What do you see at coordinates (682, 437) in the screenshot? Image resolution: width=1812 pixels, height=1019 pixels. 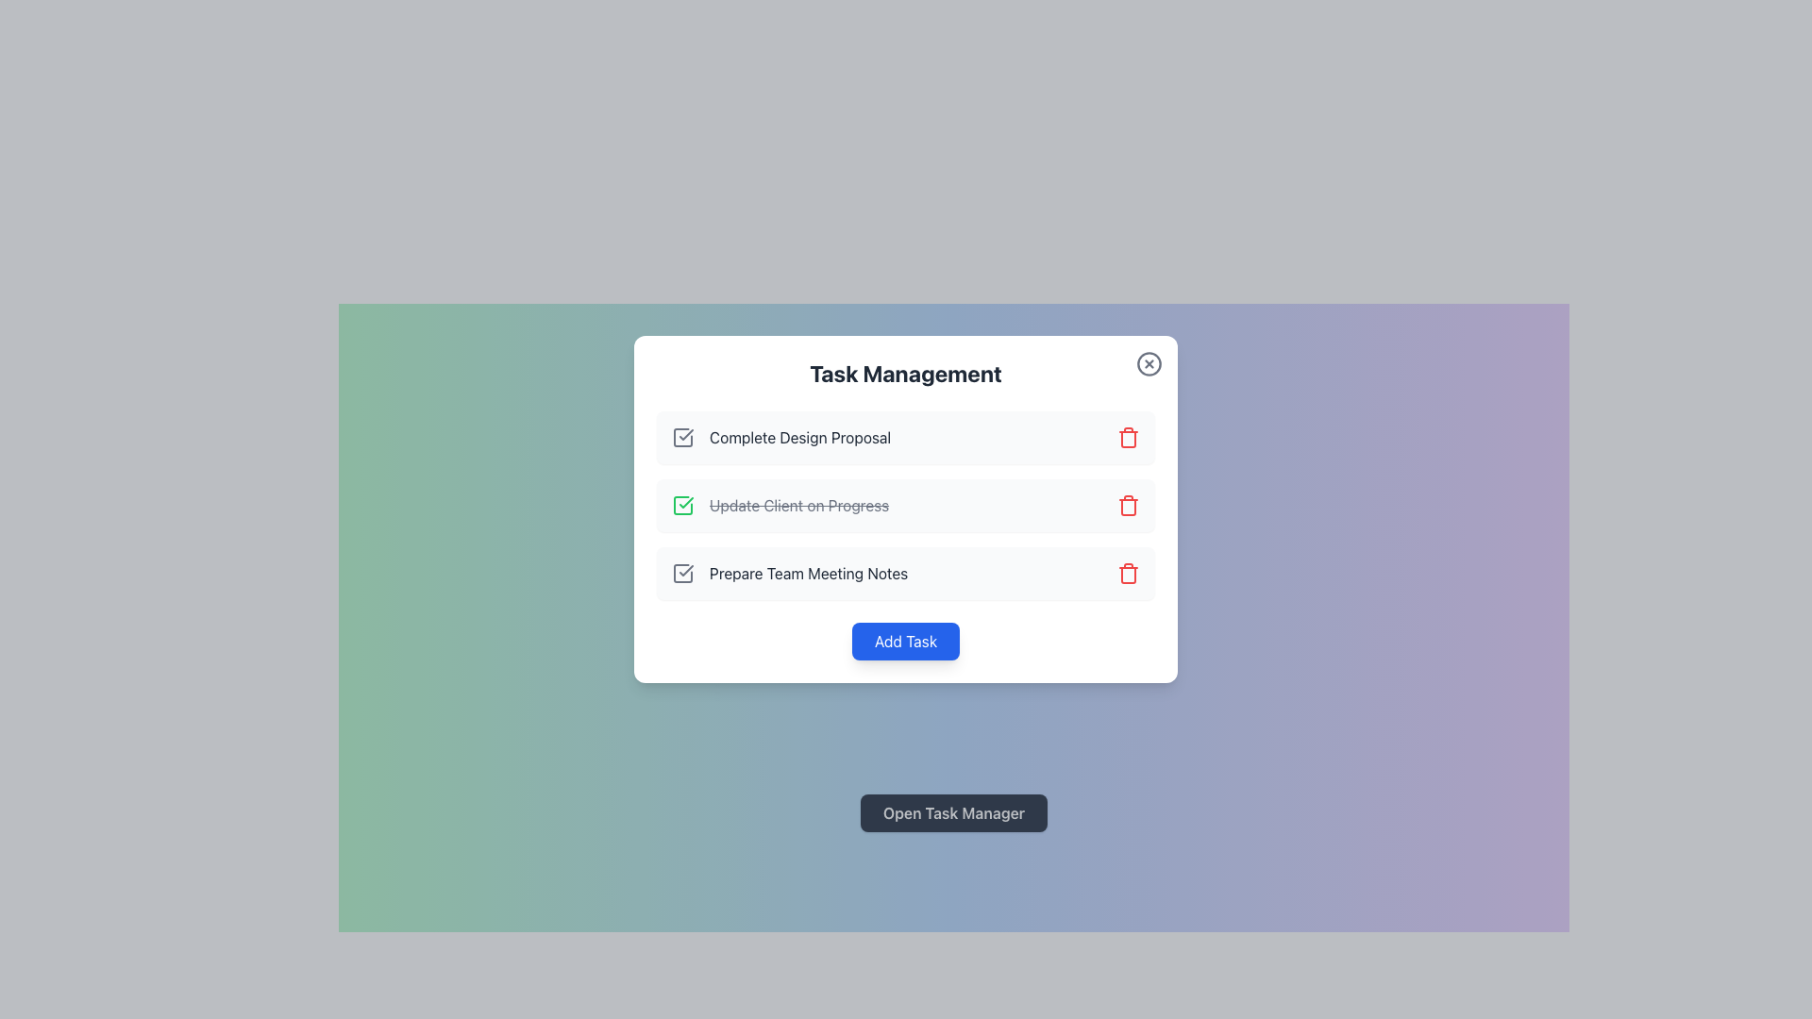 I see `the checkbox indicating the completion status of the associated task in the task list of the modal dialog` at bounding box center [682, 437].